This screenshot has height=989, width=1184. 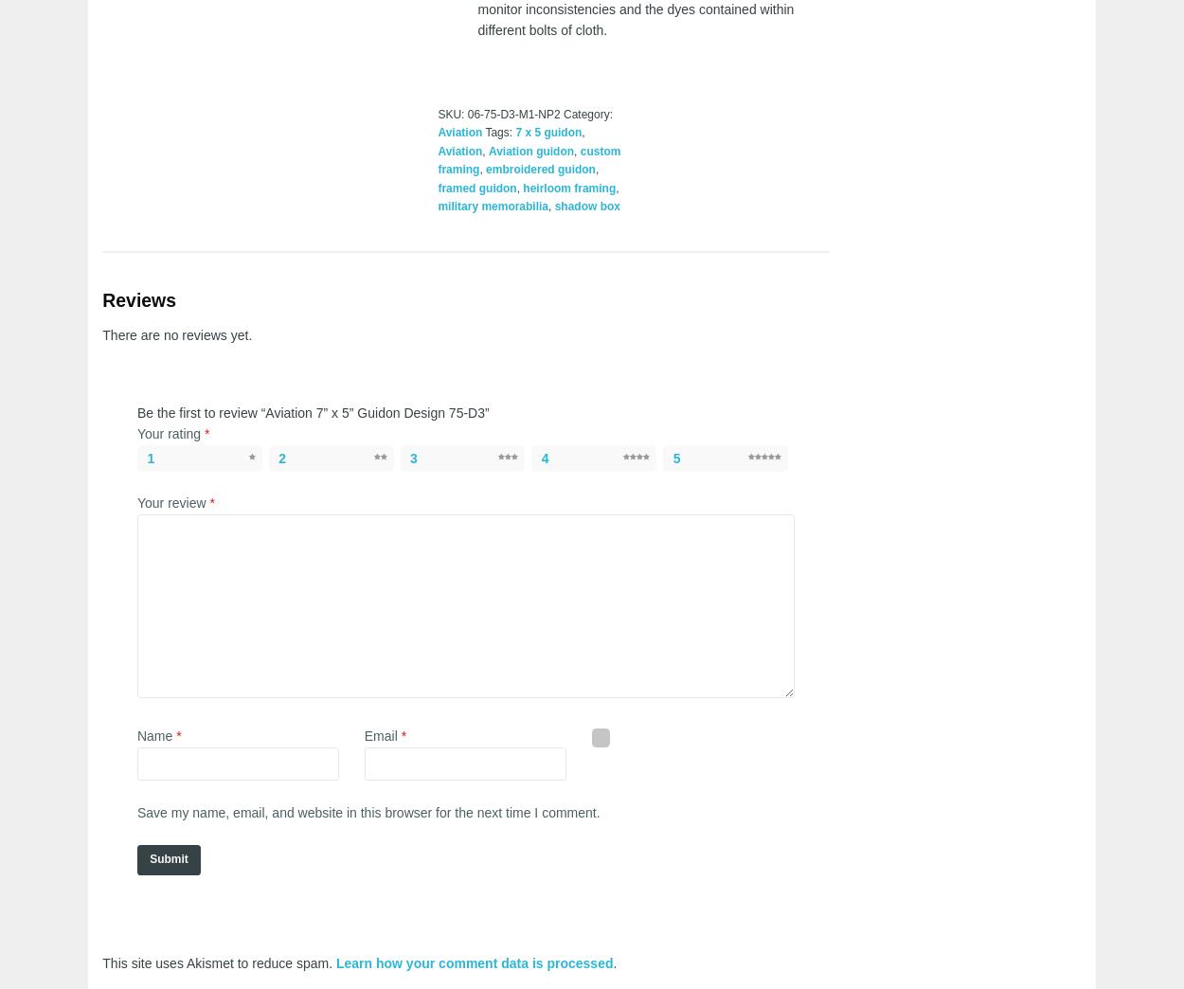 What do you see at coordinates (156, 736) in the screenshot?
I see `'Name'` at bounding box center [156, 736].